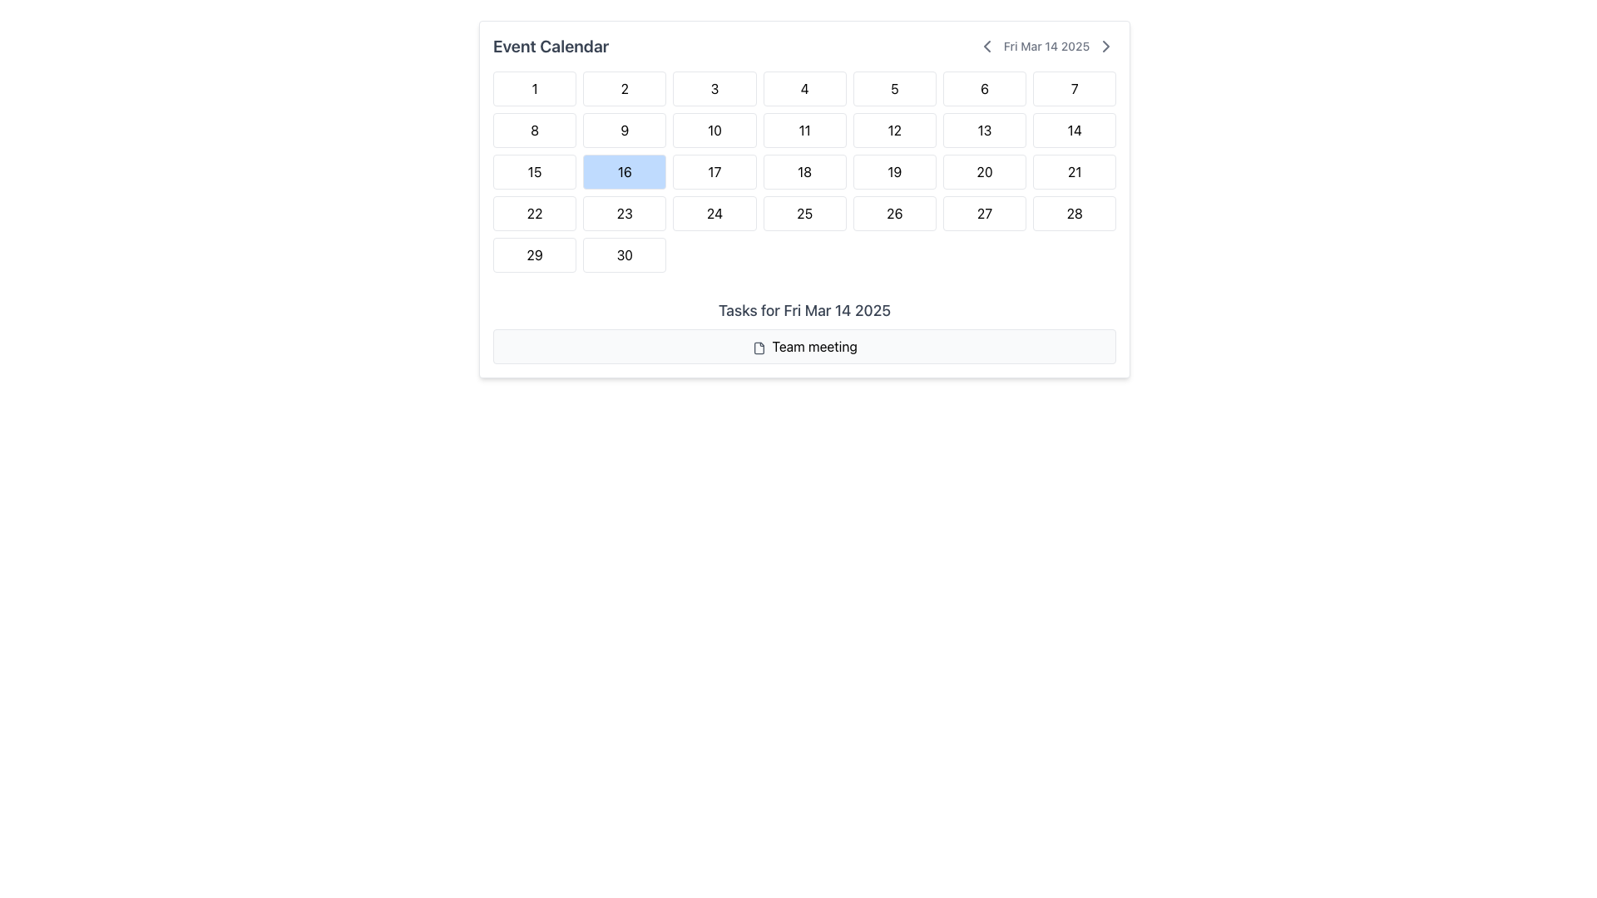 This screenshot has height=898, width=1597. What do you see at coordinates (804, 198) in the screenshot?
I see `keyboard navigation` at bounding box center [804, 198].